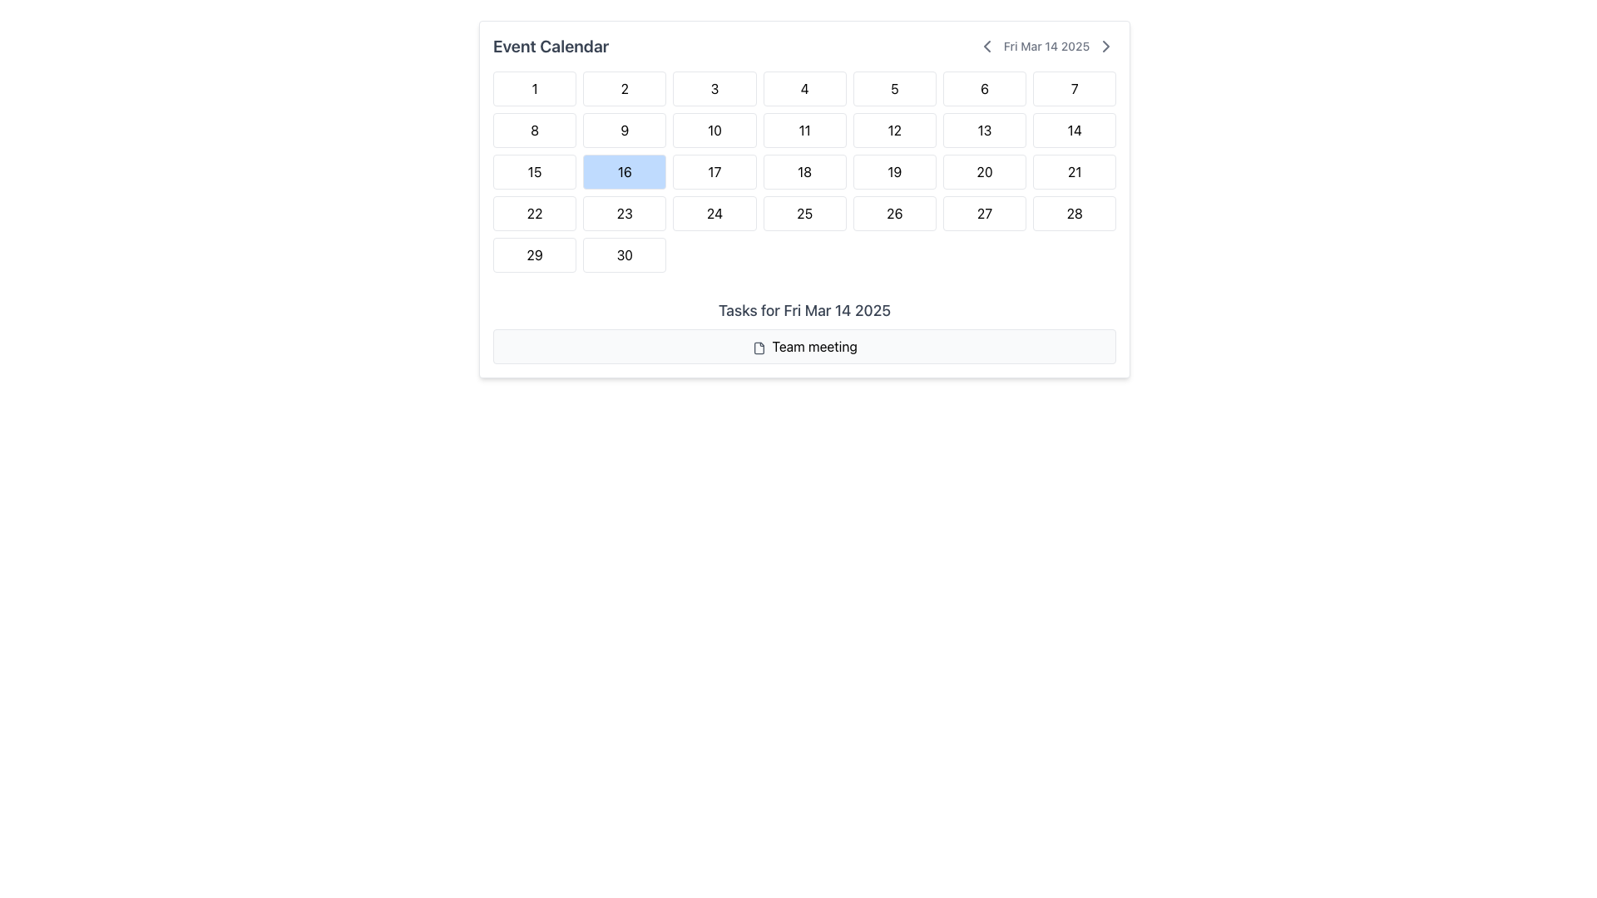 This screenshot has height=898, width=1597. What do you see at coordinates (804, 198) in the screenshot?
I see `keyboard navigation` at bounding box center [804, 198].